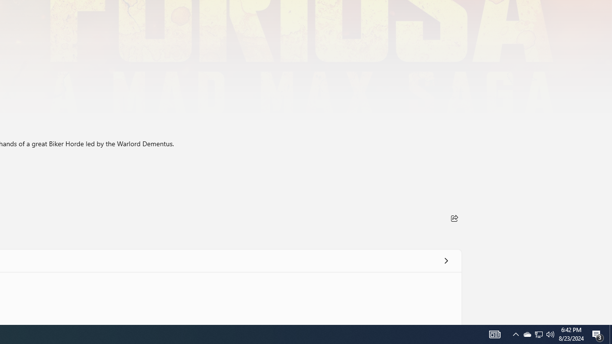  Describe the element at coordinates (608, 321) in the screenshot. I see `'Vertical Small Increase'` at that location.